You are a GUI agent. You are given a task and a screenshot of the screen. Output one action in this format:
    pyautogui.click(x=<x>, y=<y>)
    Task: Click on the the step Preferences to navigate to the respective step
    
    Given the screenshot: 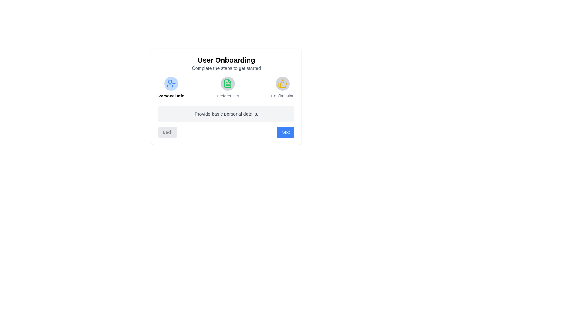 What is the action you would take?
    pyautogui.click(x=227, y=88)
    